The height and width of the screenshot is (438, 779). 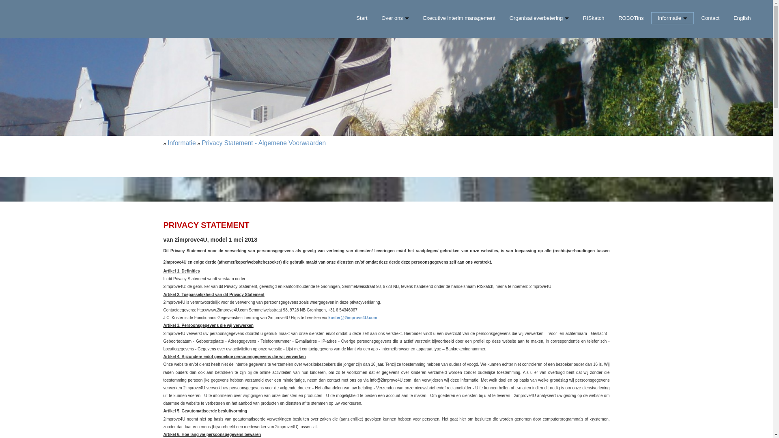 What do you see at coordinates (577, 18) in the screenshot?
I see `'RISkatch'` at bounding box center [577, 18].